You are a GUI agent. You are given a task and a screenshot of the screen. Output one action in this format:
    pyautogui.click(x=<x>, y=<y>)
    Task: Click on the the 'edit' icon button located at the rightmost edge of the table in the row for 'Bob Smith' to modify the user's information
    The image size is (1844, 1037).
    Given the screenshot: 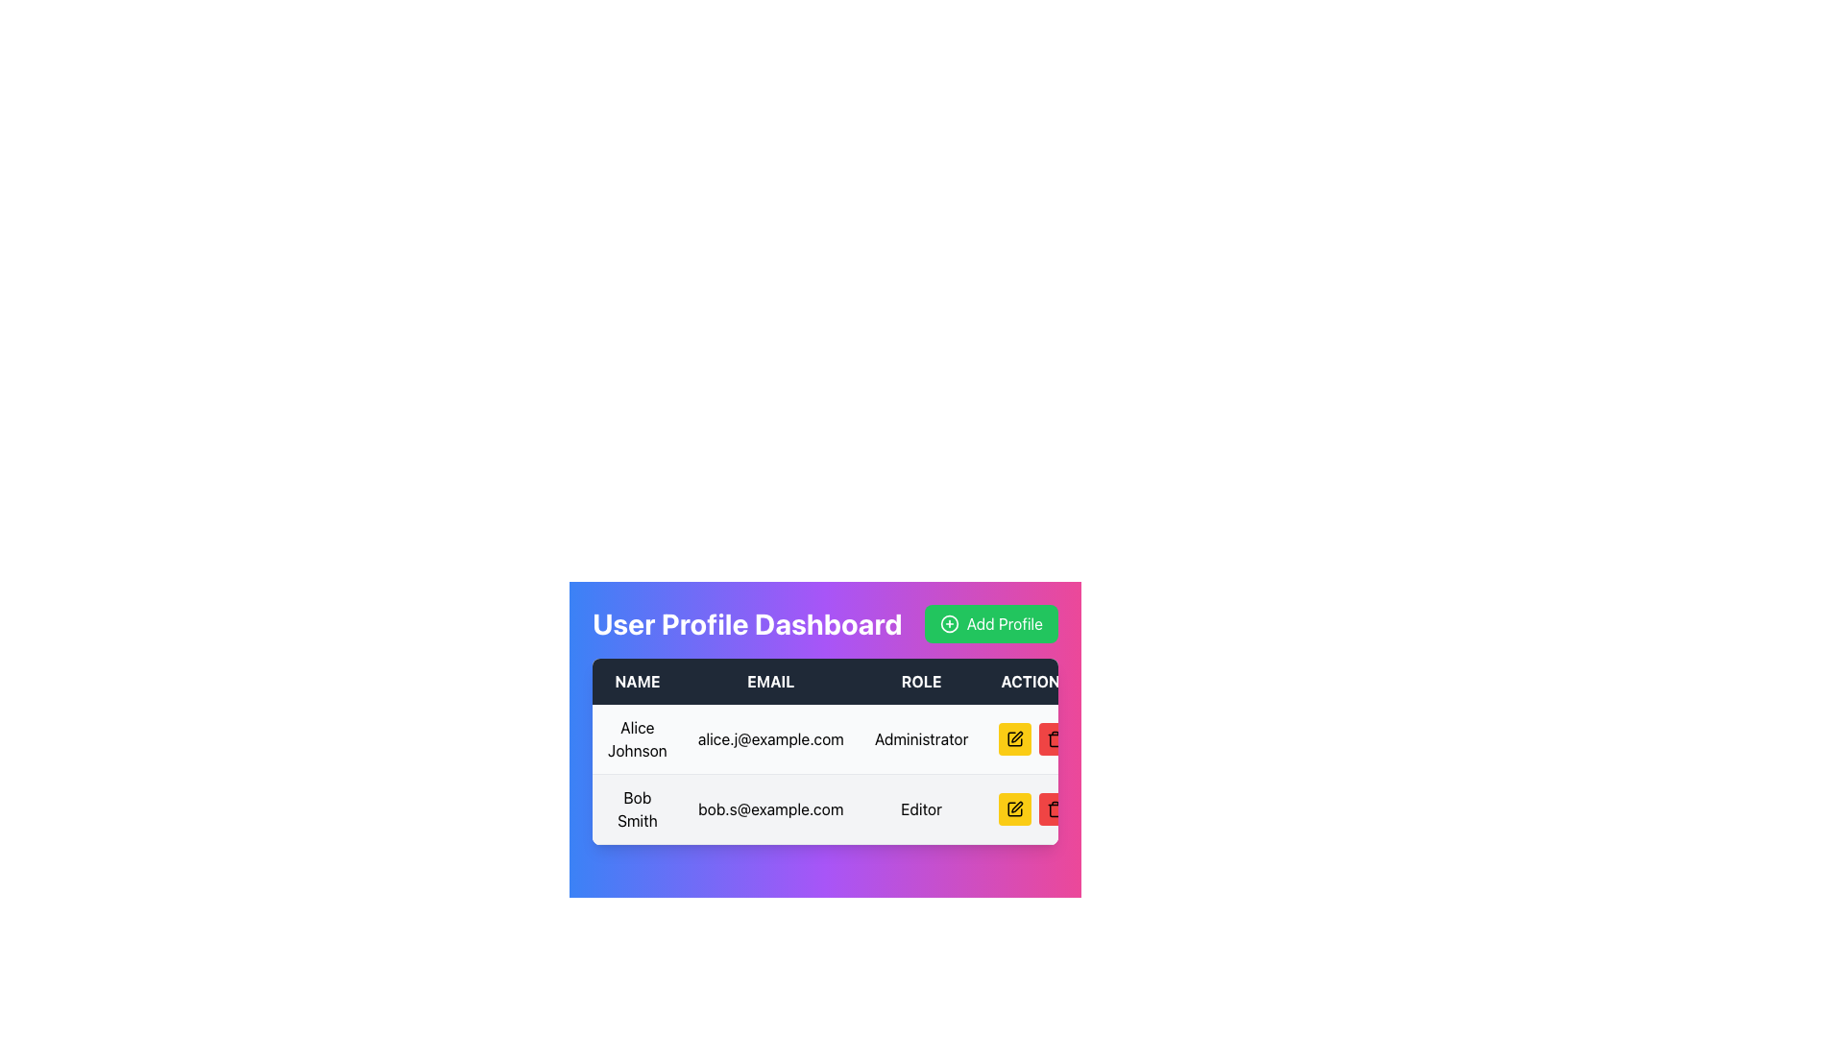 What is the action you would take?
    pyautogui.click(x=1013, y=738)
    